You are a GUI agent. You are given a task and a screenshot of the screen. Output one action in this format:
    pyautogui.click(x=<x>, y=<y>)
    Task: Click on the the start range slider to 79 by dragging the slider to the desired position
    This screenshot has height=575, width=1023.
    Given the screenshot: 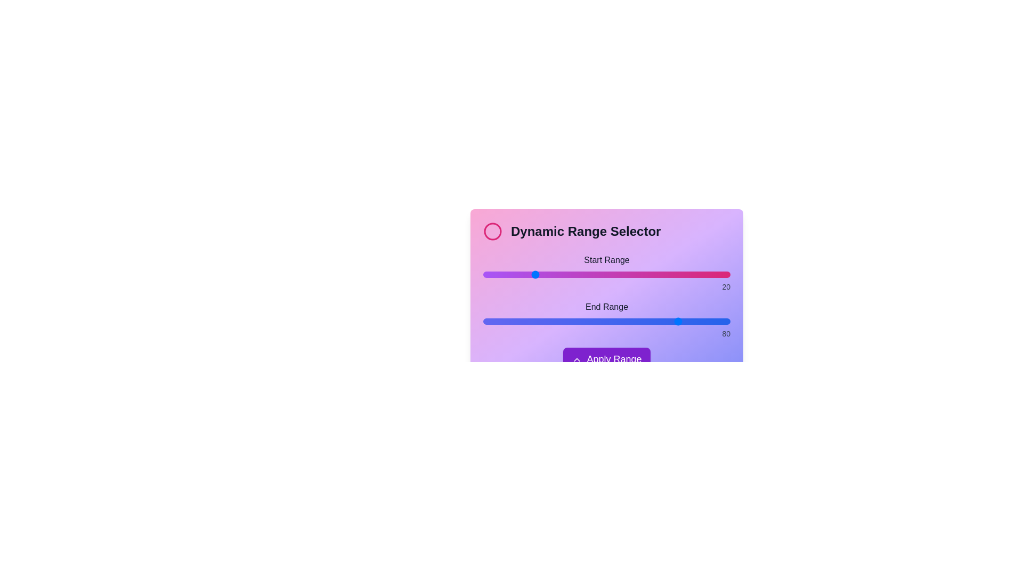 What is the action you would take?
    pyautogui.click(x=678, y=274)
    